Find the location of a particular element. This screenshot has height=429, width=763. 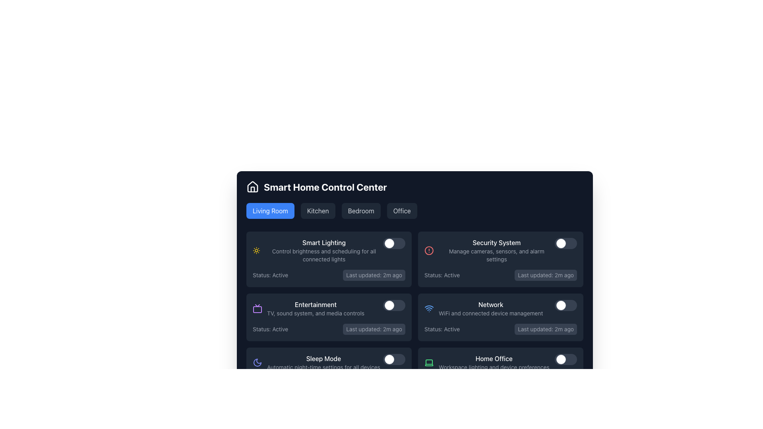

the 'Status: Active' text label located on the lower-left side of the 'Security System' card in the Smart Home Control Center is located at coordinates (442, 275).